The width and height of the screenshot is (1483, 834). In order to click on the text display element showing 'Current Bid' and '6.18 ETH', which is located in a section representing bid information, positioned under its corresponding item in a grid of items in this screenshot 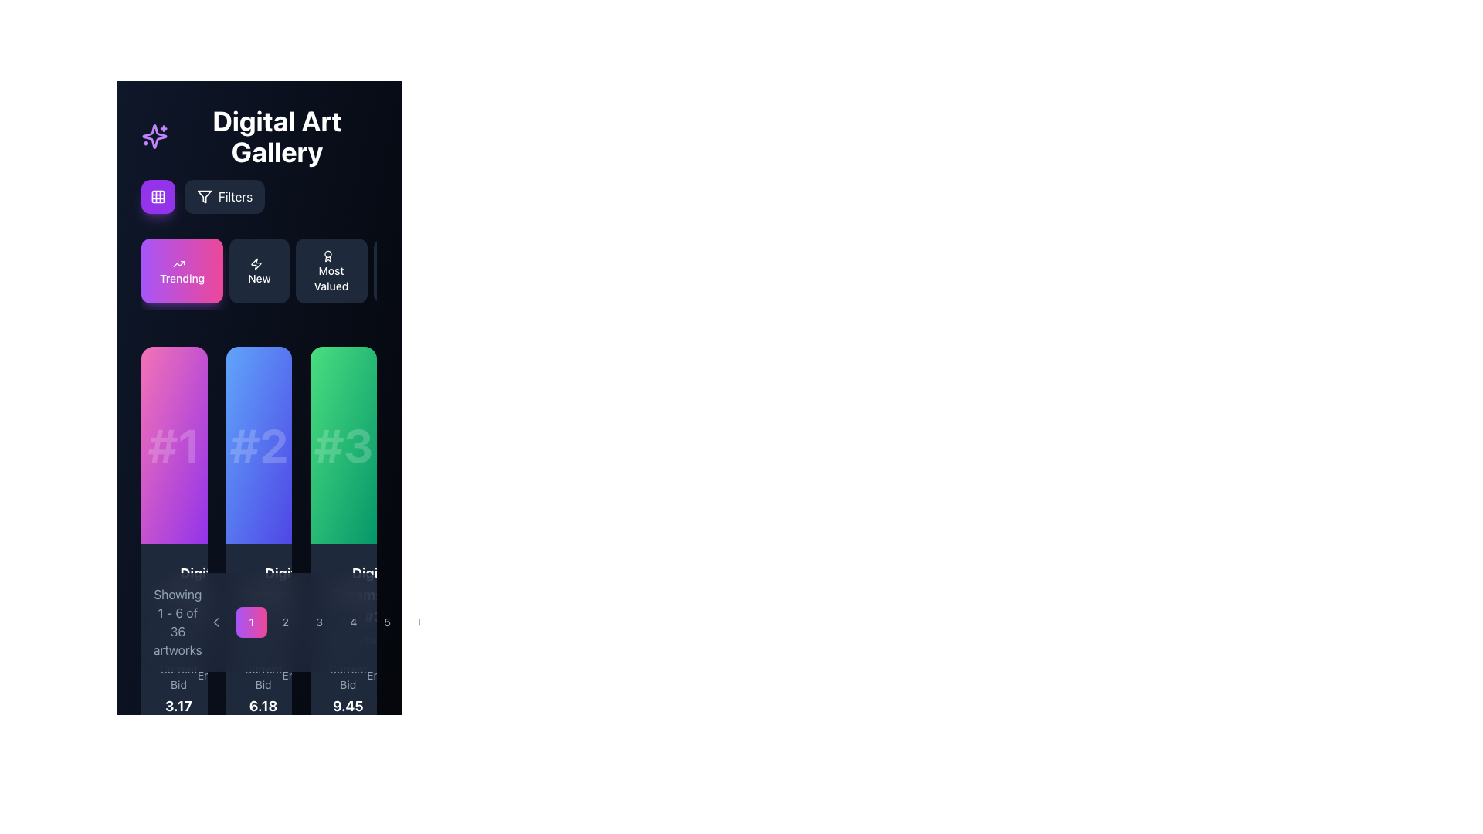, I will do `click(263, 700)`.